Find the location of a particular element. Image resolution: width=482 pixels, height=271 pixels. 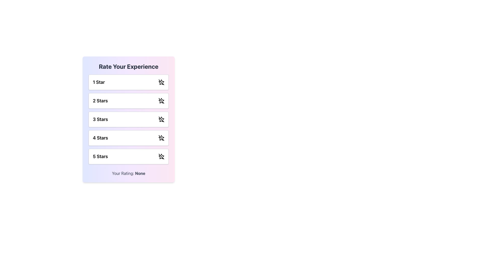

the static text element displaying 'Your Rating:' followed by a bolded 'None', which is styled in gray and located below the '5 Stars' text is located at coordinates (129, 173).